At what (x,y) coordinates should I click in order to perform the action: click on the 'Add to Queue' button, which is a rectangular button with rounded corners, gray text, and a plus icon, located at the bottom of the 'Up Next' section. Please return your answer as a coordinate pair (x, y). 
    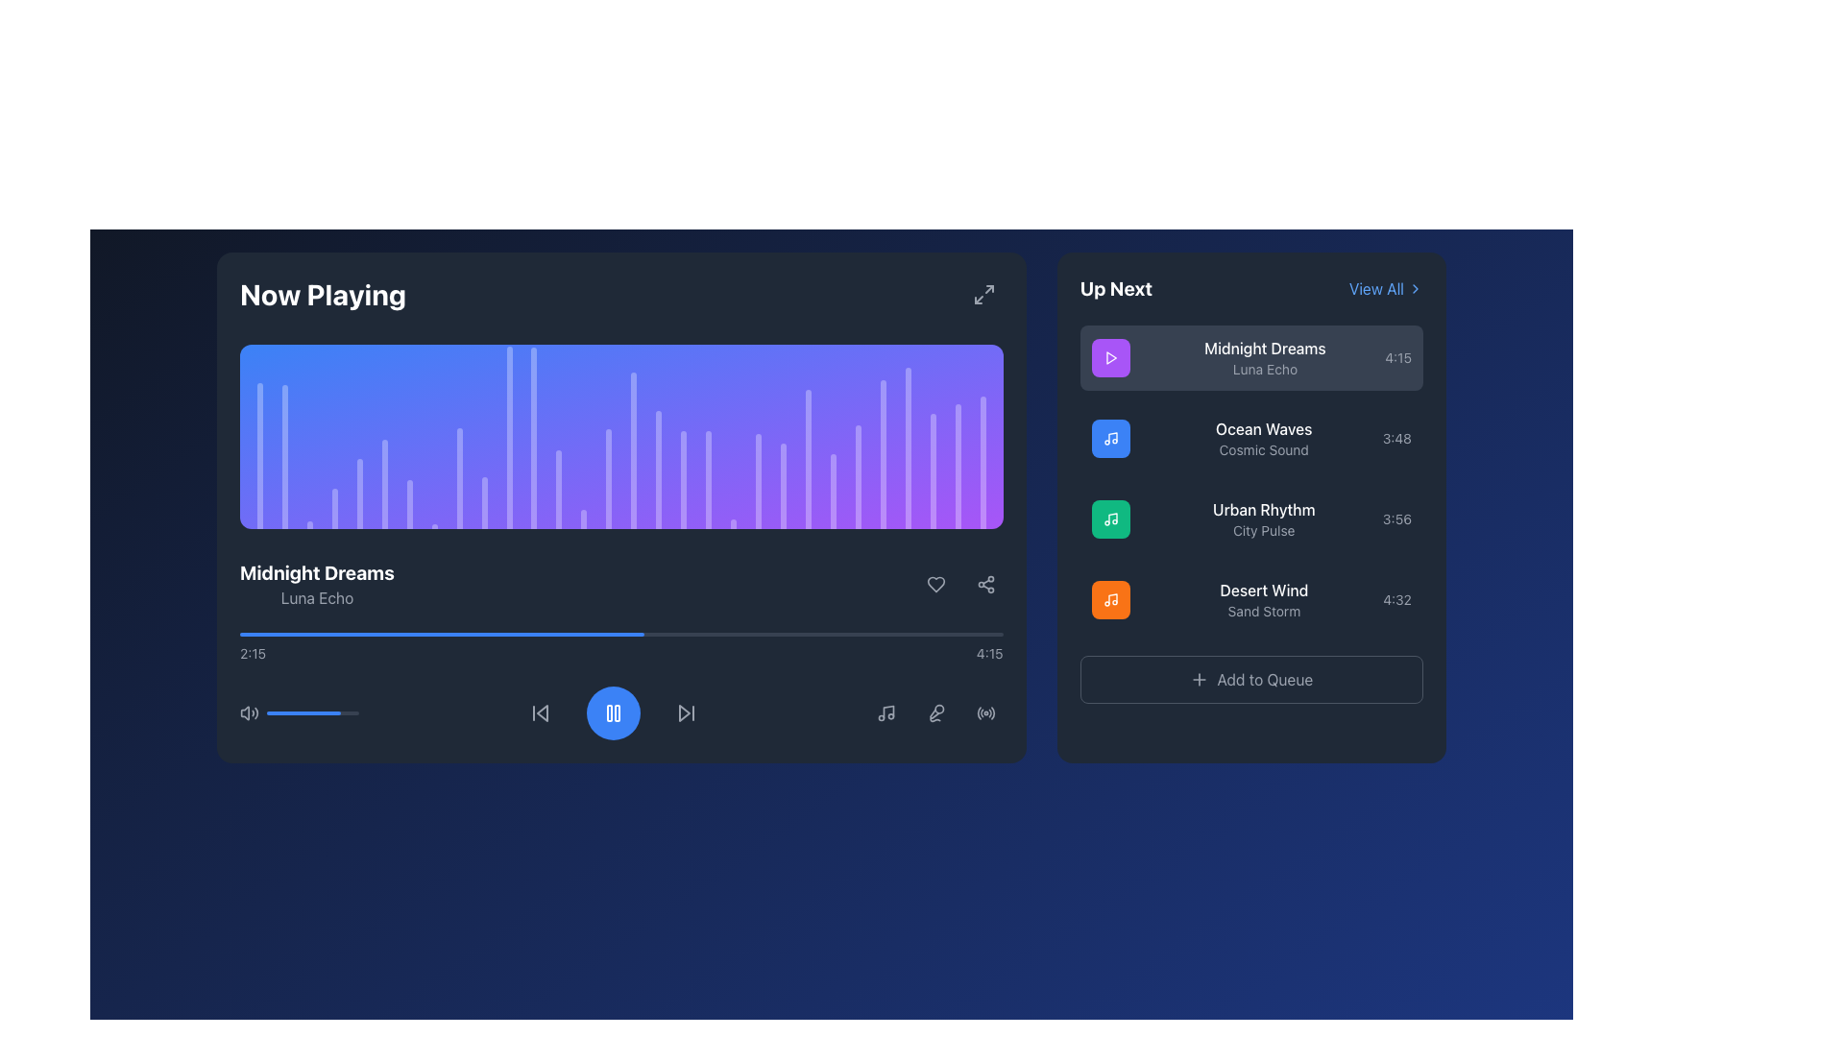
    Looking at the image, I should click on (1251, 679).